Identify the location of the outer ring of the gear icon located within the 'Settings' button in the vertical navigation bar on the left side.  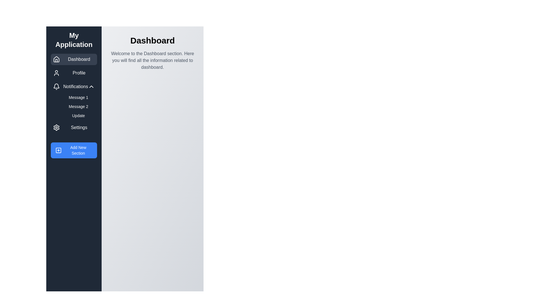
(56, 127).